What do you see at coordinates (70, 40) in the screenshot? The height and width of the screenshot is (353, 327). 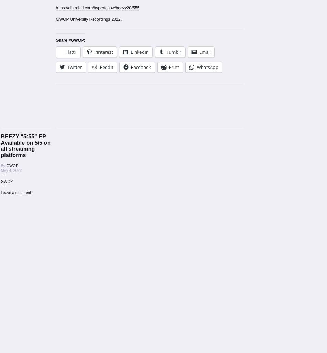 I see `'Share #GWOP:'` at bounding box center [70, 40].